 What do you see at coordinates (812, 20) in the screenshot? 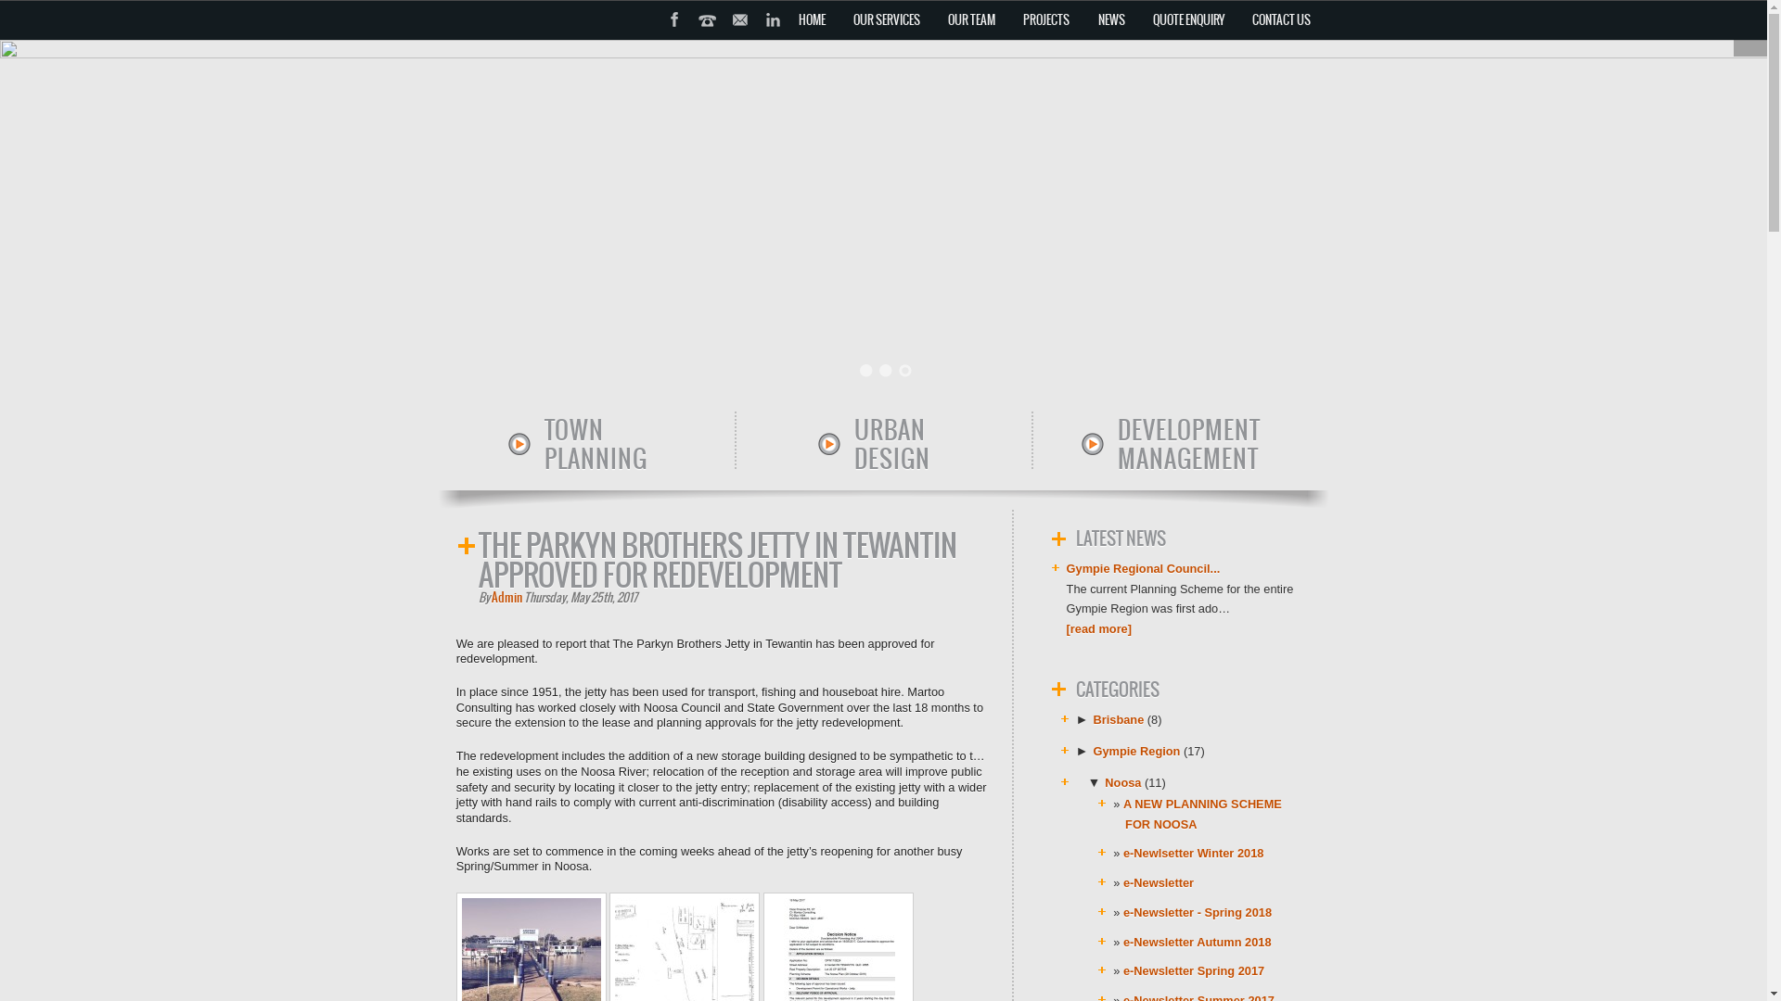
I see `'HOME'` at bounding box center [812, 20].